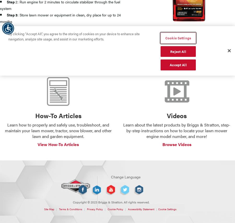 Image resolution: width=235 pixels, height=223 pixels. I want to click on 'Cookie Settings', so click(158, 209).